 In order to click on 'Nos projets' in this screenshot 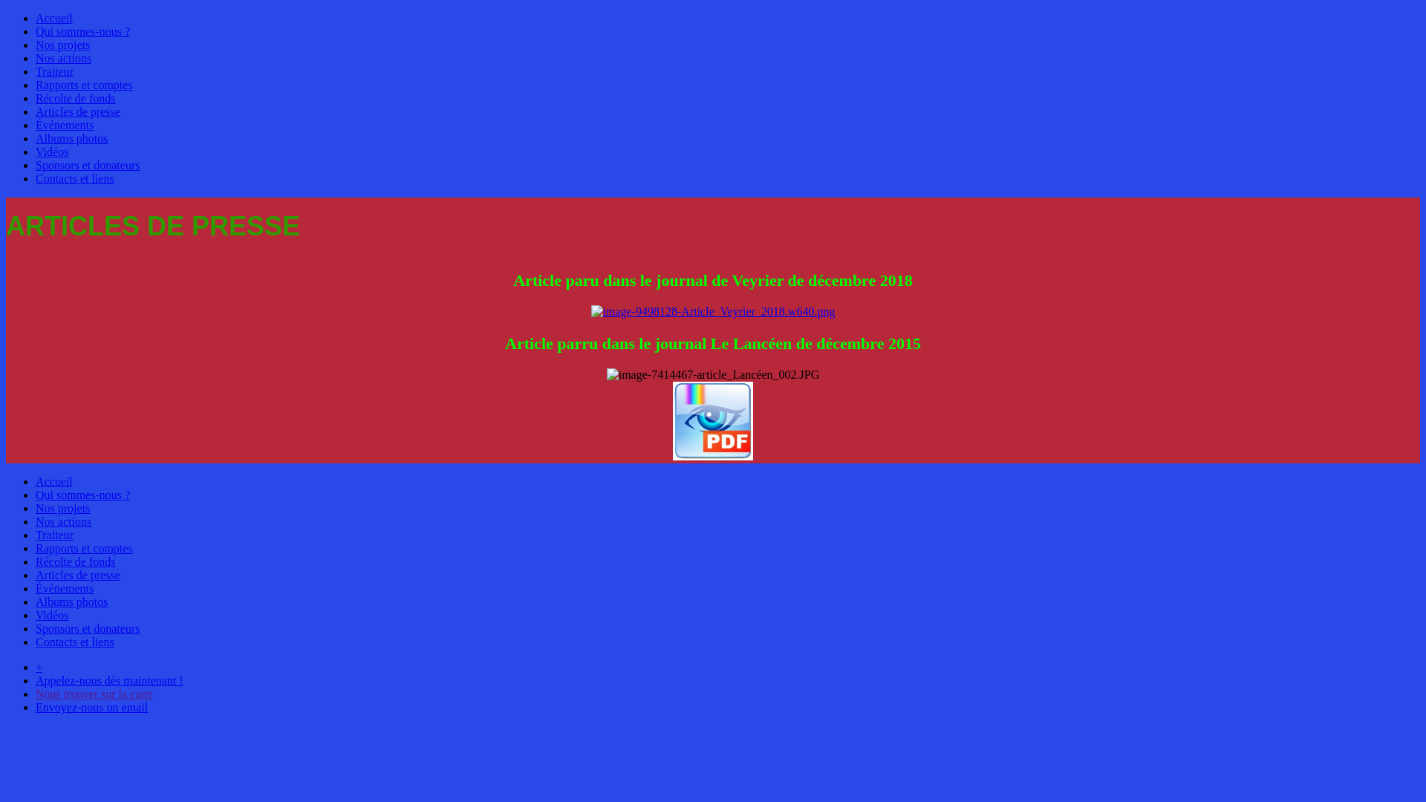, I will do `click(62, 507)`.